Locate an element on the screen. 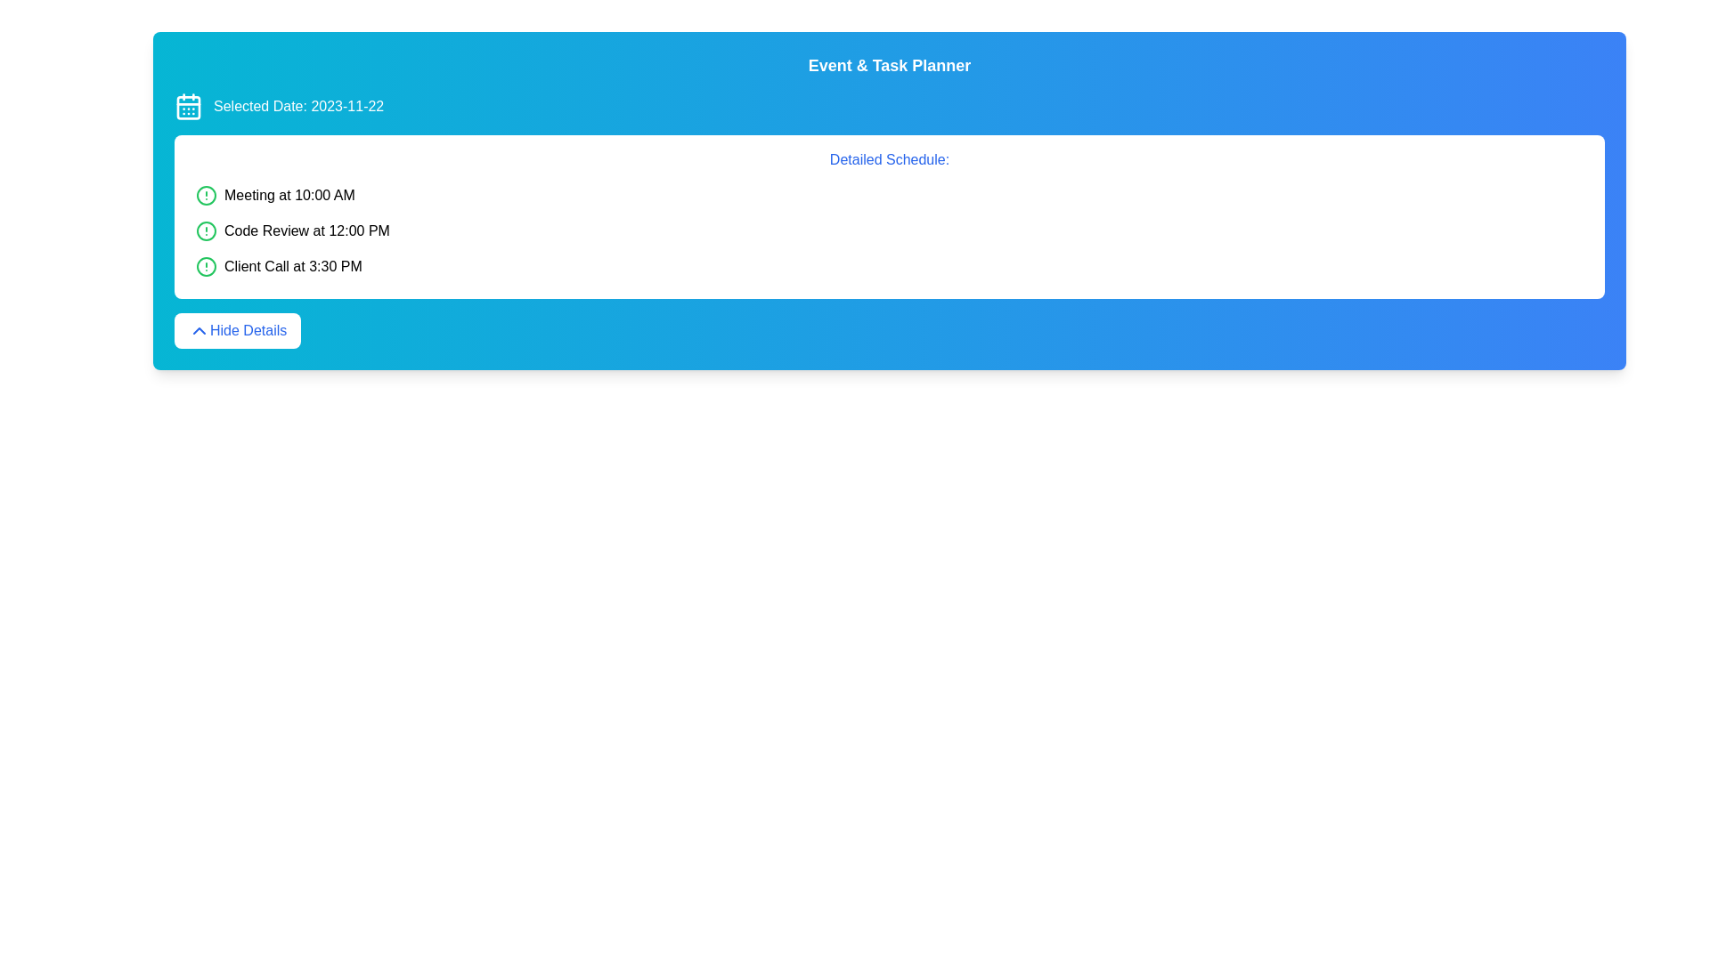 This screenshot has width=1710, height=961. the second scheduled event text which is centrally located within a white card, positioned below 'Meeting at 10:00 AM' and above 'Client Call at 3:30 PM' is located at coordinates (307, 230).